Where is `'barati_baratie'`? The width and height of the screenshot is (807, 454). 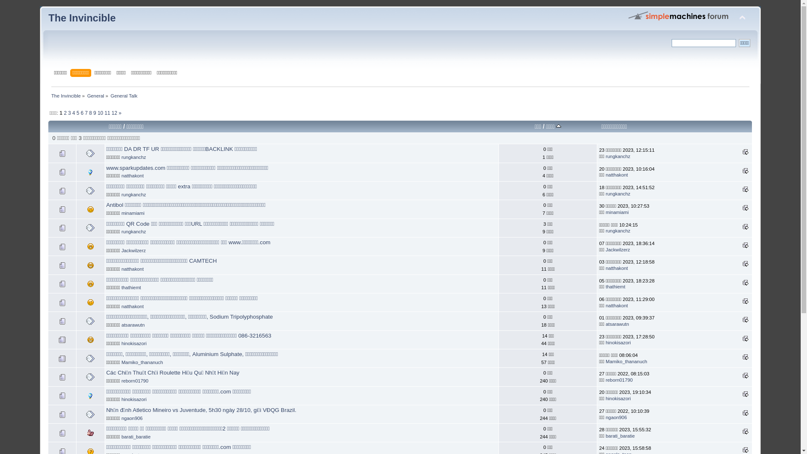
'barati_baratie' is located at coordinates (136, 436).